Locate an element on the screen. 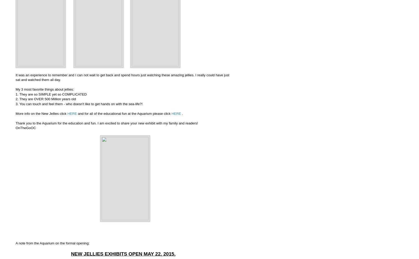 Image resolution: width=419 pixels, height=259 pixels. '.' is located at coordinates (181, 113).